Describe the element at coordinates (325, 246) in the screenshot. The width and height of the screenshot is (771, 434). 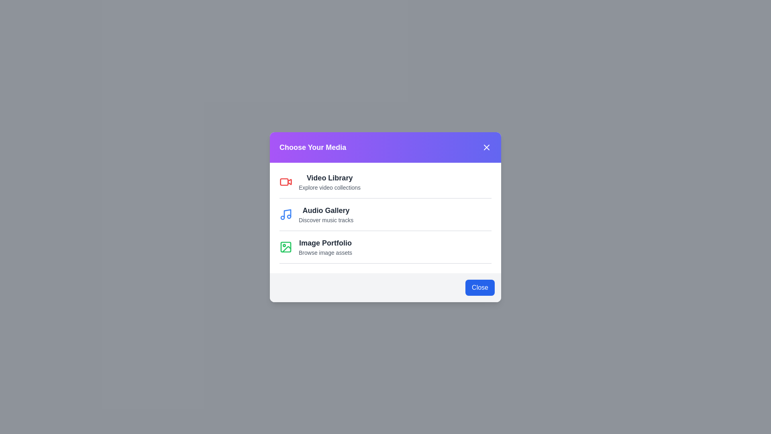
I see `the 'Image Portfolio' option to select it` at that location.